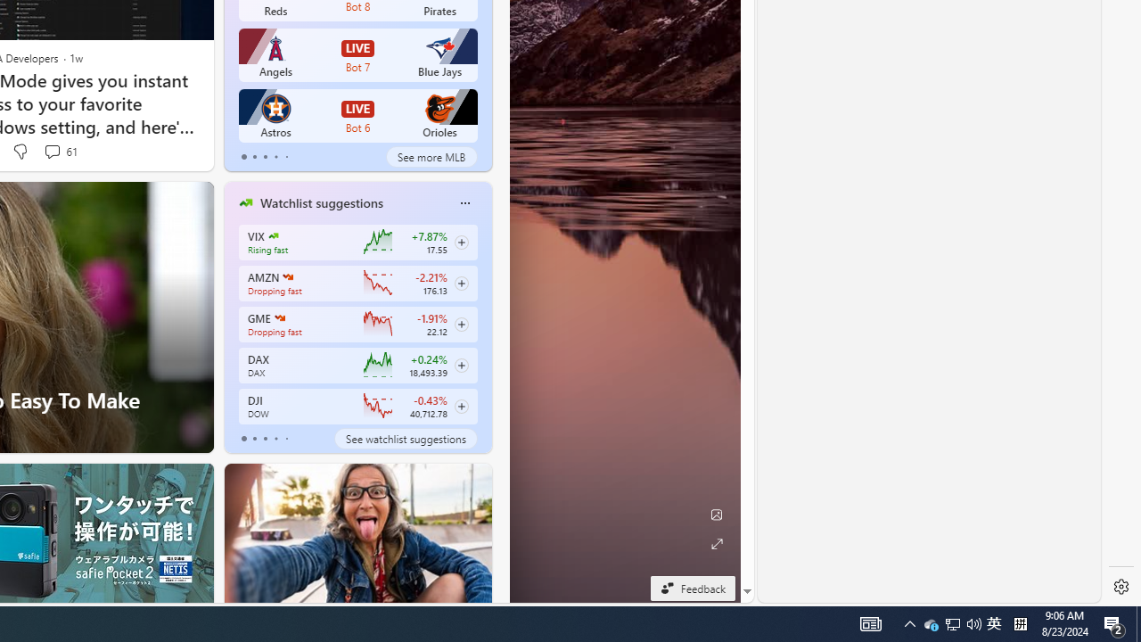  I want to click on 'View comments 61 Comment', so click(52, 150).